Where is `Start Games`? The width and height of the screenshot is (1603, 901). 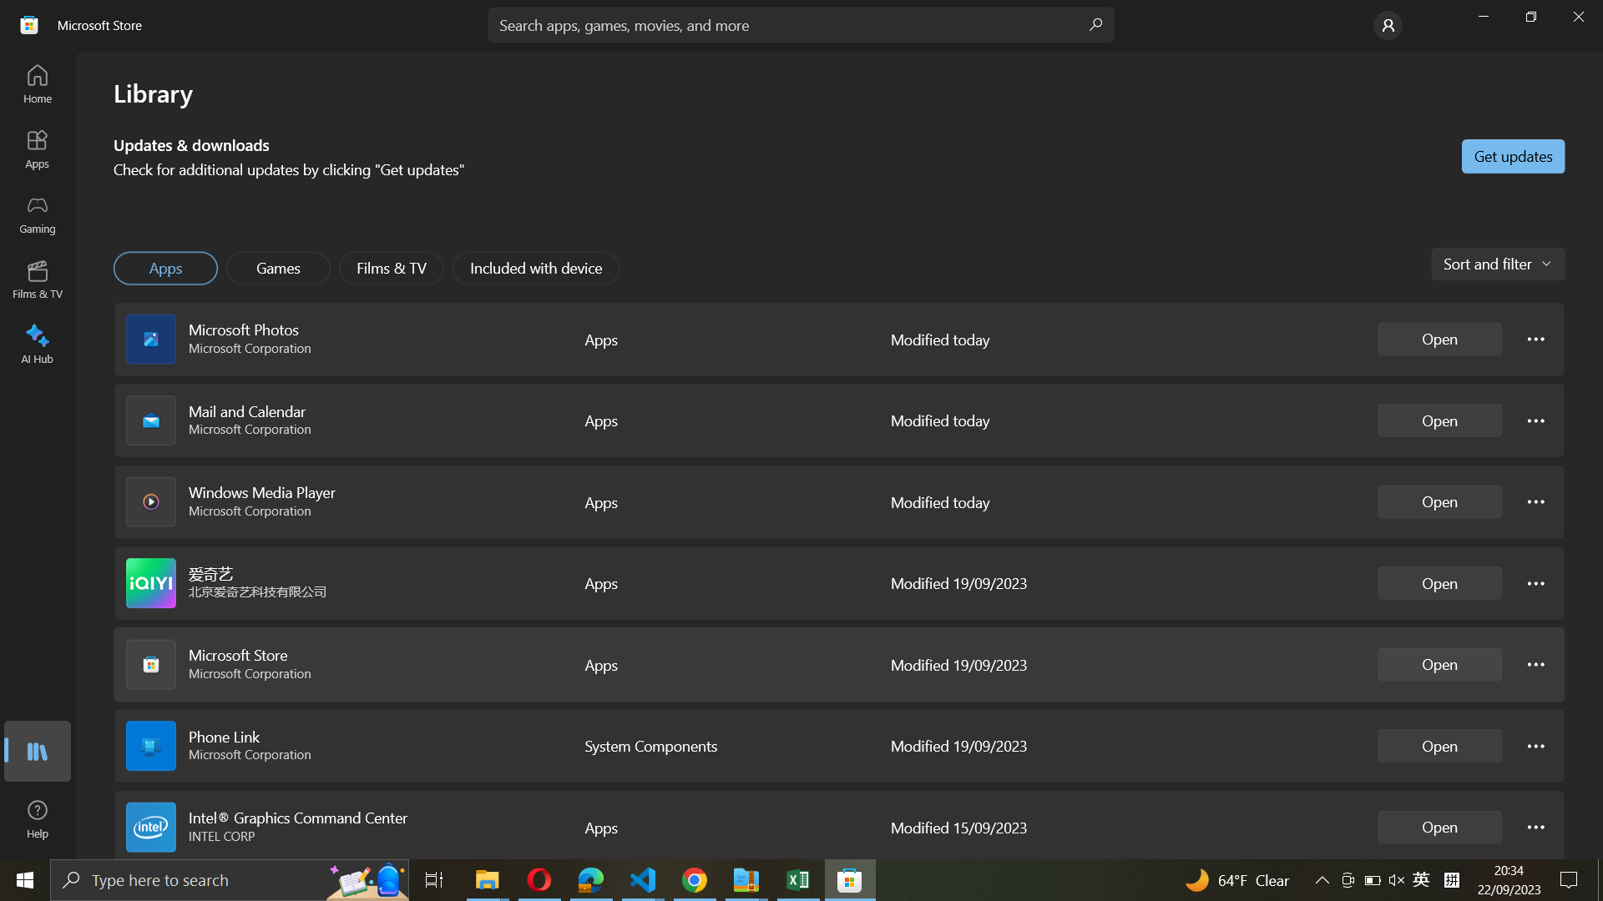
Start Games is located at coordinates (279, 267).